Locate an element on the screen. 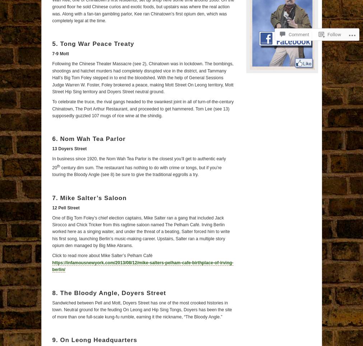 This screenshot has width=363, height=346. 'In business since 1920, the Nom Wah Tea Parlor is the closest you’ll get to authentic early 20' is located at coordinates (139, 162).